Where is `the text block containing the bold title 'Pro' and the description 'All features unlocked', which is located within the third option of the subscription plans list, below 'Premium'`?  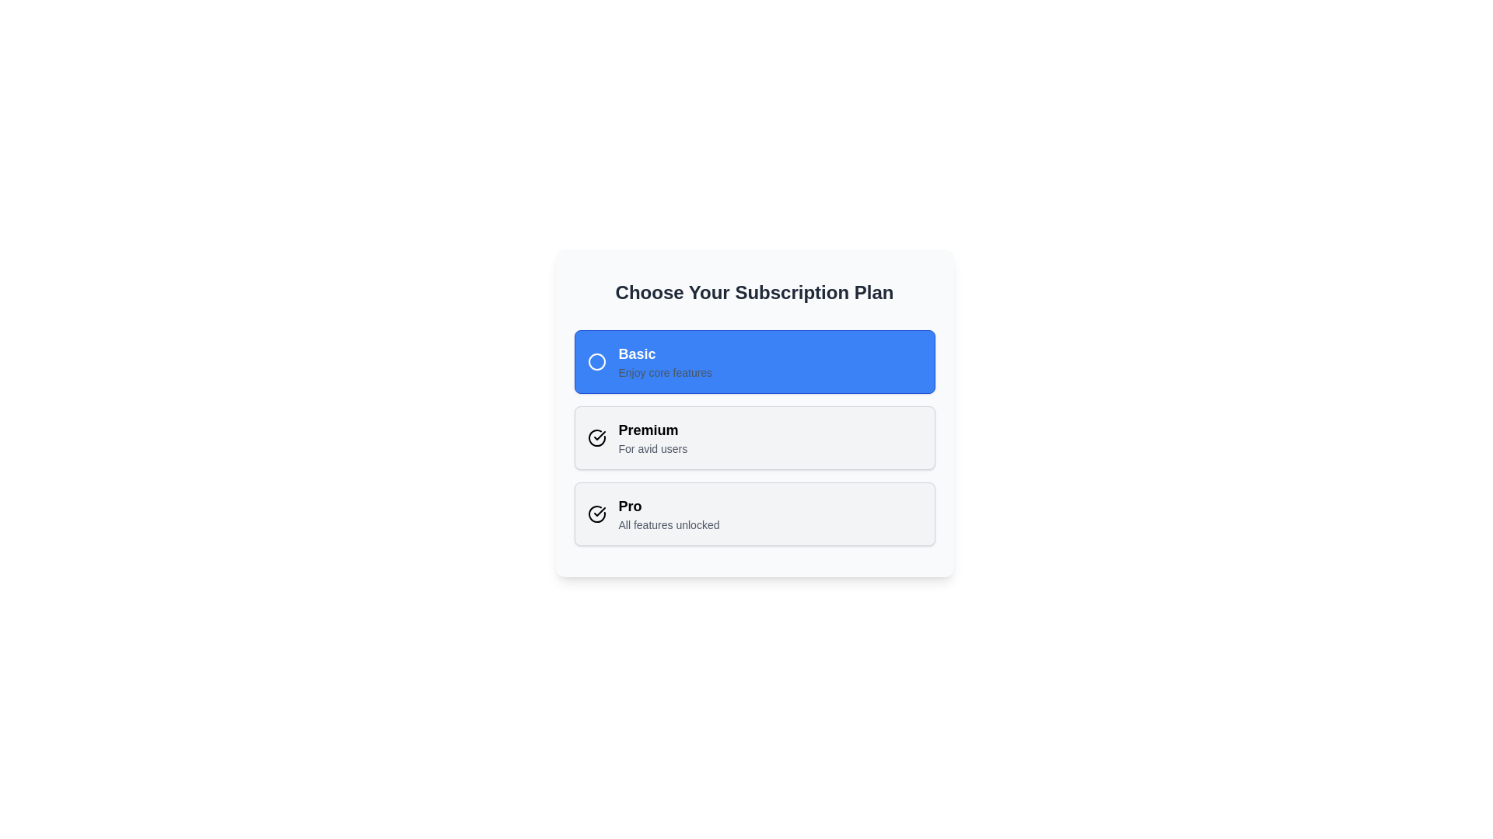 the text block containing the bold title 'Pro' and the description 'All features unlocked', which is located within the third option of the subscription plans list, below 'Premium' is located at coordinates (669, 514).